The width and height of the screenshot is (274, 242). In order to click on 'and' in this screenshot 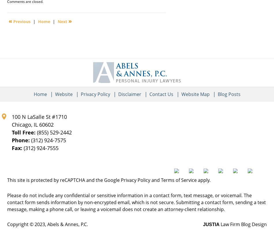, I will do `click(155, 180)`.